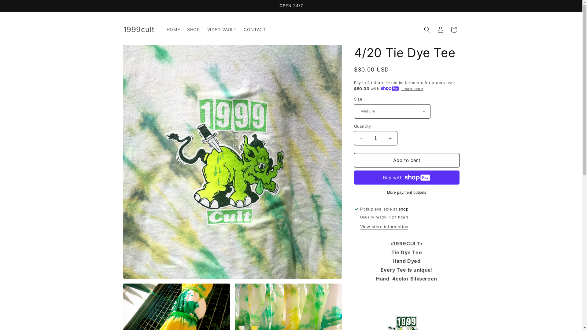 The height and width of the screenshot is (330, 587). What do you see at coordinates (221, 29) in the screenshot?
I see `'VIDEO VAULT'` at bounding box center [221, 29].